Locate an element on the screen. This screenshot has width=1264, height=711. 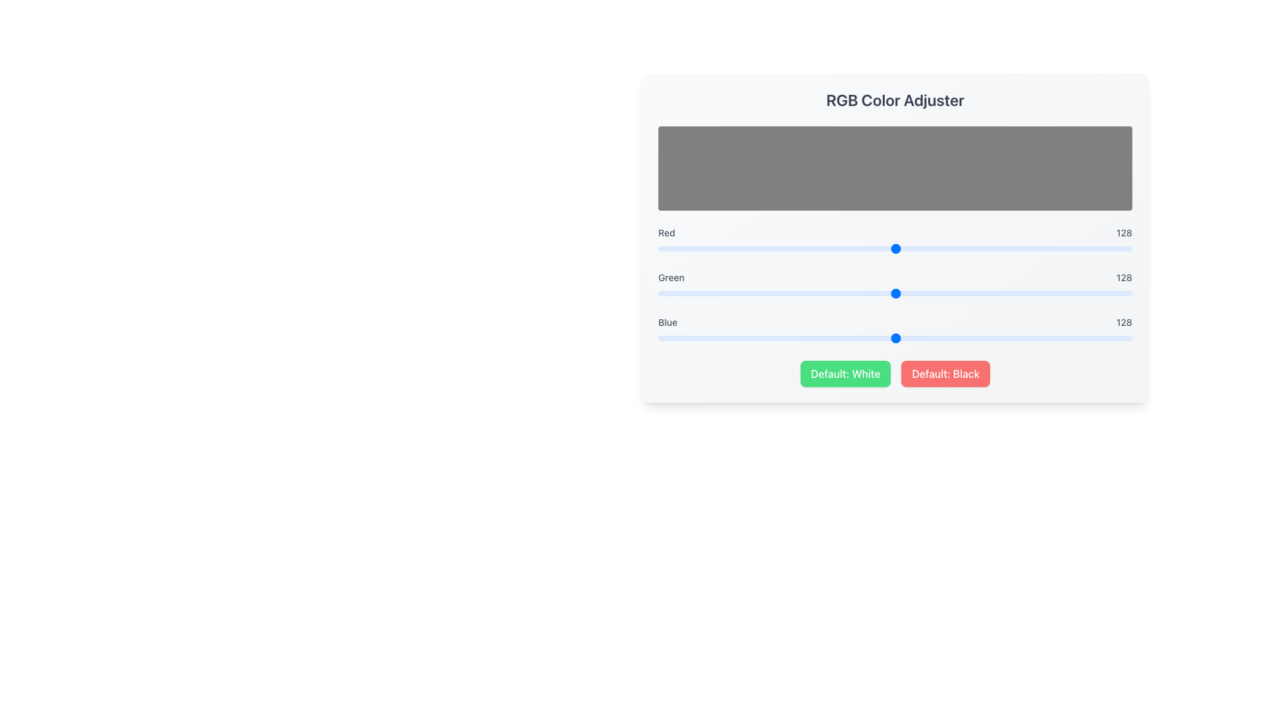
the Red value is located at coordinates (1054, 249).